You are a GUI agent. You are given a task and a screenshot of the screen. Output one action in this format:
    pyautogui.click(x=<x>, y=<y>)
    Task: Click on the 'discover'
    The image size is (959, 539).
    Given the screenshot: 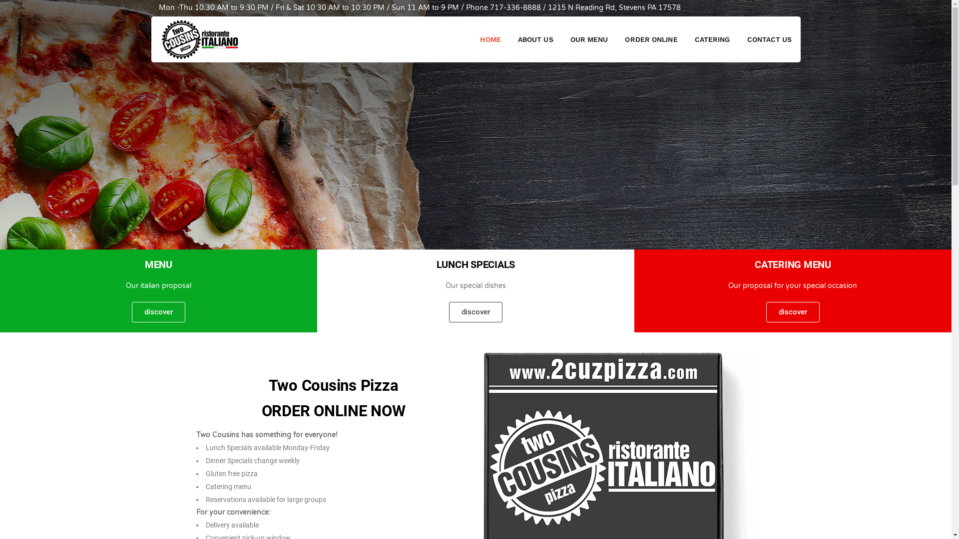 What is the action you would take?
    pyautogui.click(x=475, y=311)
    